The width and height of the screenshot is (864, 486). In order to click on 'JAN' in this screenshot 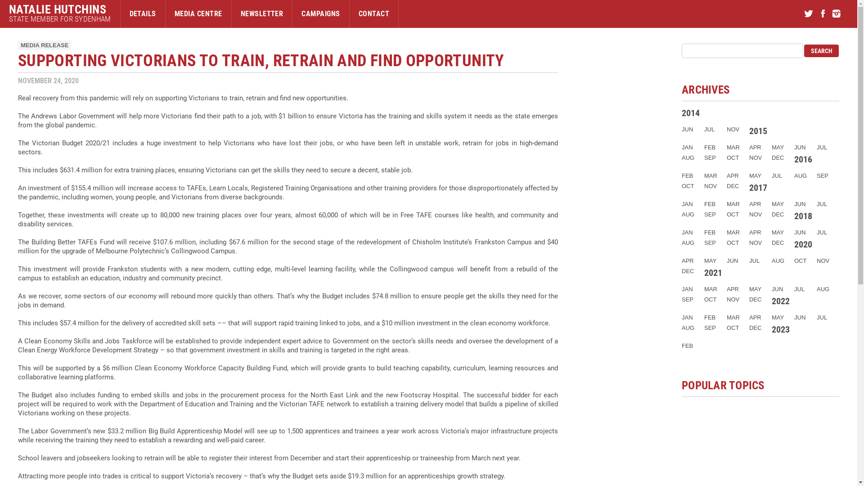, I will do `click(687, 147)`.